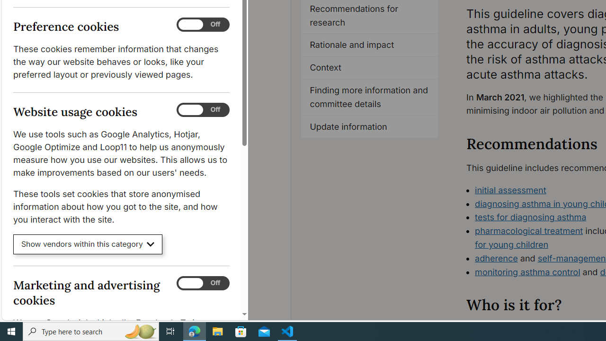  What do you see at coordinates (369, 68) in the screenshot?
I see `'Context'` at bounding box center [369, 68].